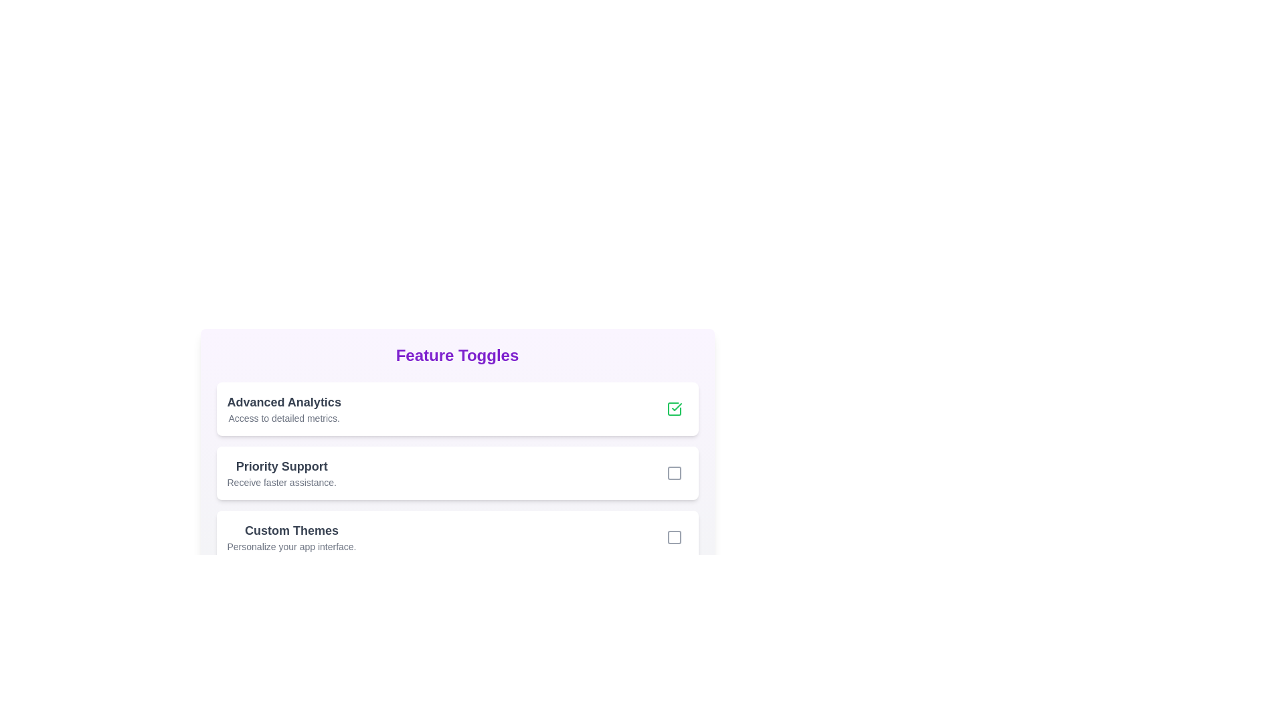 The height and width of the screenshot is (722, 1285). I want to click on the second feature tile in the 'Feature Toggles' list, which contains a checkbox for interactive selection, so click(457, 473).